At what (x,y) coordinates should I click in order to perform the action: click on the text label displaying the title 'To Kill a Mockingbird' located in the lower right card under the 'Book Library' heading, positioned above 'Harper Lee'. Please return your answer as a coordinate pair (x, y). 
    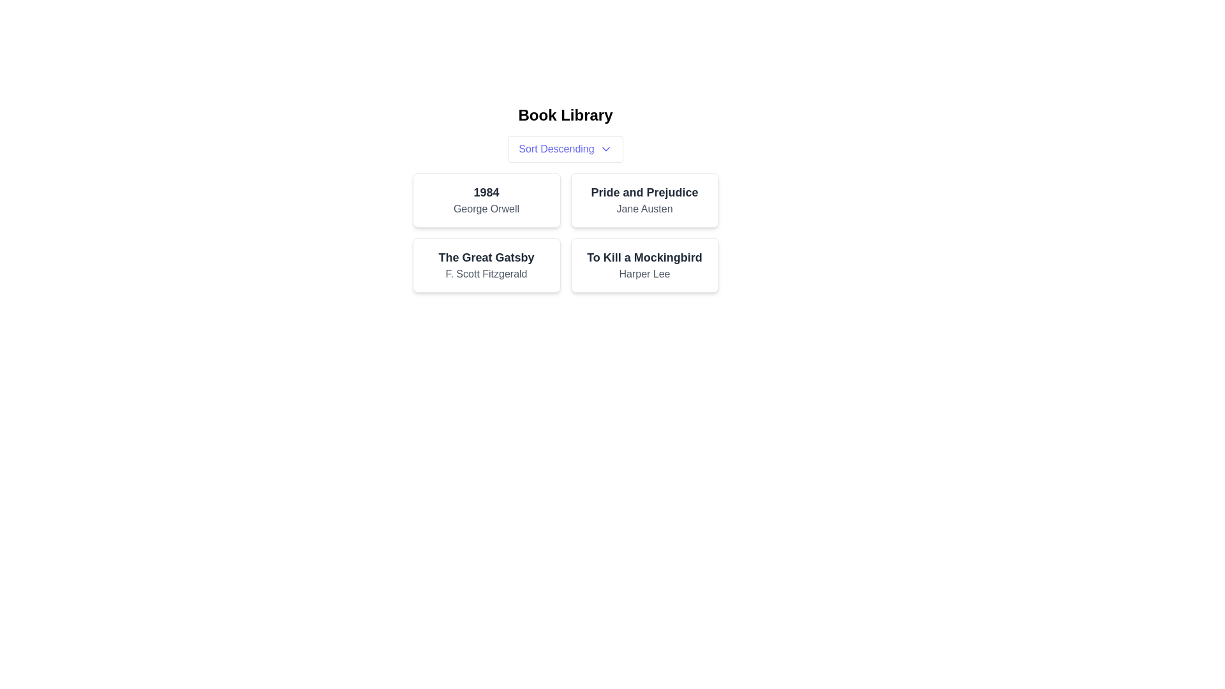
    Looking at the image, I should click on (644, 258).